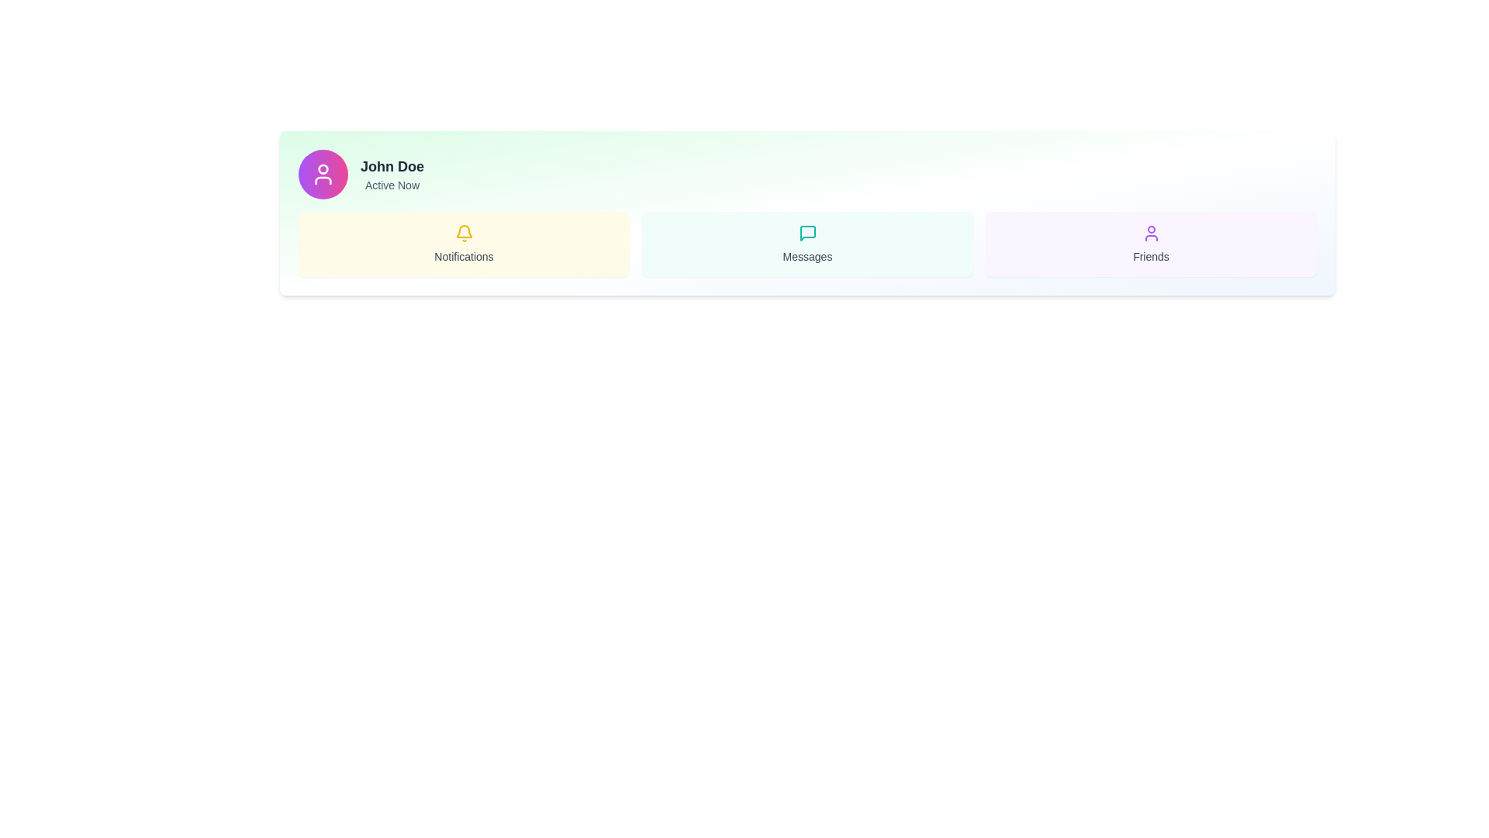  I want to click on the user's profile icon located in the top-left circular area of the user profile card, next, so click(323, 174).